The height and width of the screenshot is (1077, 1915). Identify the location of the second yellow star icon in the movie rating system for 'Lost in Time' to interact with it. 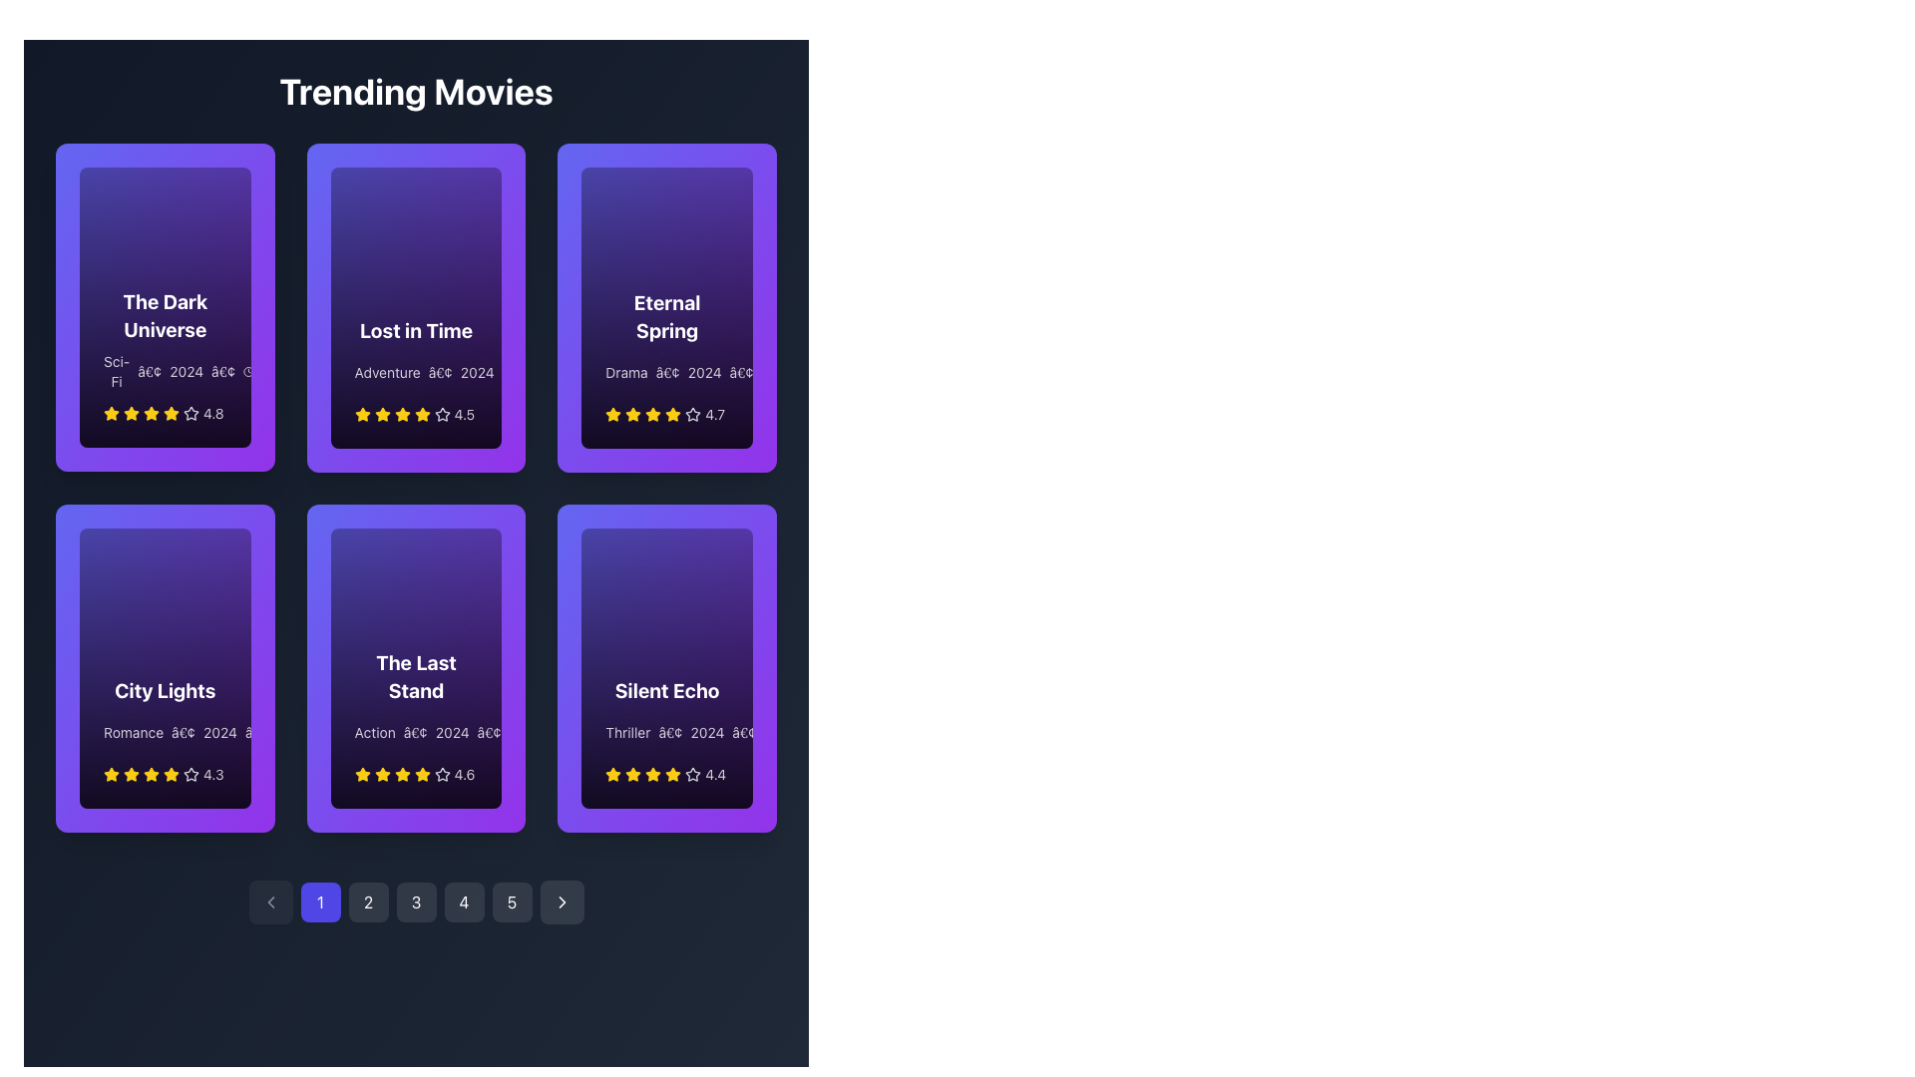
(382, 413).